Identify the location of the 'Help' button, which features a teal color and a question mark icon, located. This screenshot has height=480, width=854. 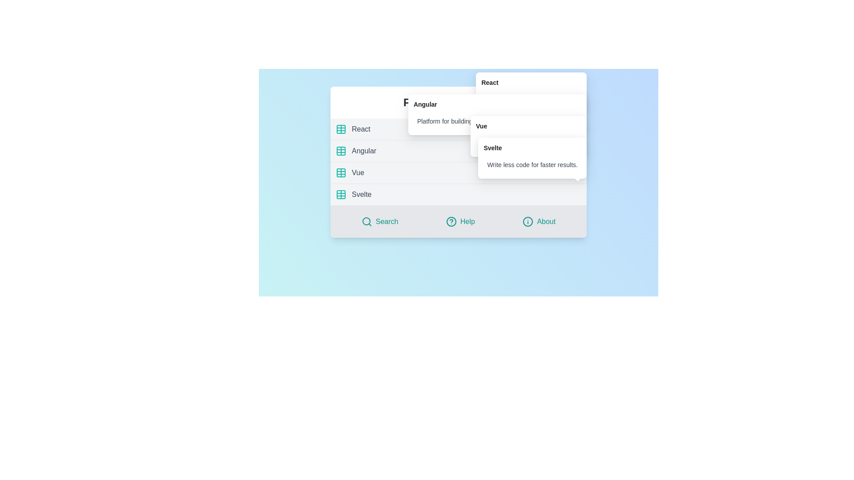
(460, 221).